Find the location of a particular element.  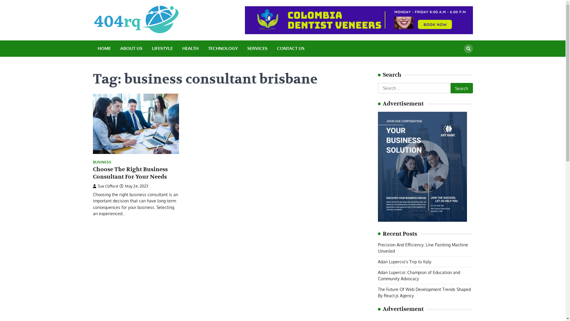

'Sue Clifford' is located at coordinates (105, 185).